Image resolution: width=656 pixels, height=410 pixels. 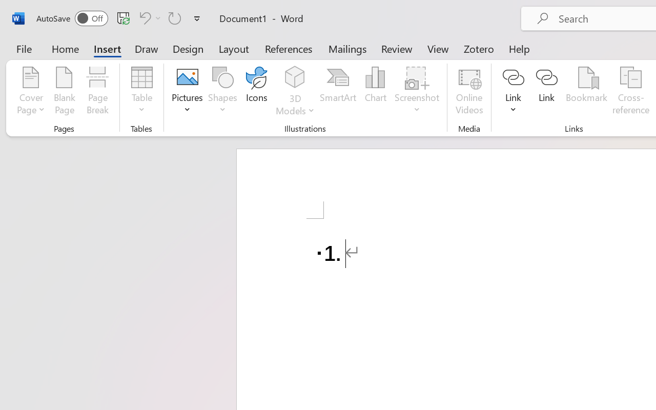 What do you see at coordinates (468, 92) in the screenshot?
I see `'Online Videos...'` at bounding box center [468, 92].